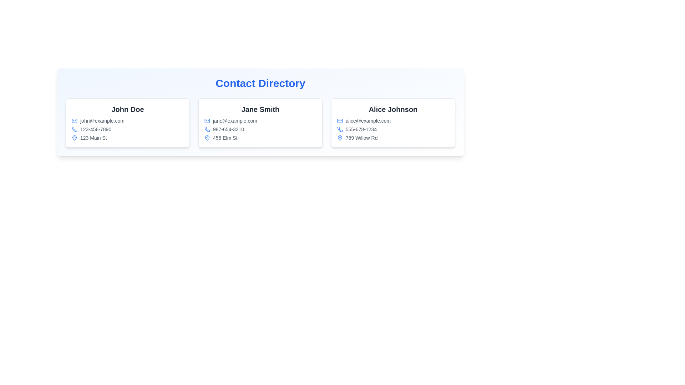  I want to click on the Informational card for 'Alice Johnson', which features a white background and gray border, located in the 'Contact Directory' section, so click(393, 122).